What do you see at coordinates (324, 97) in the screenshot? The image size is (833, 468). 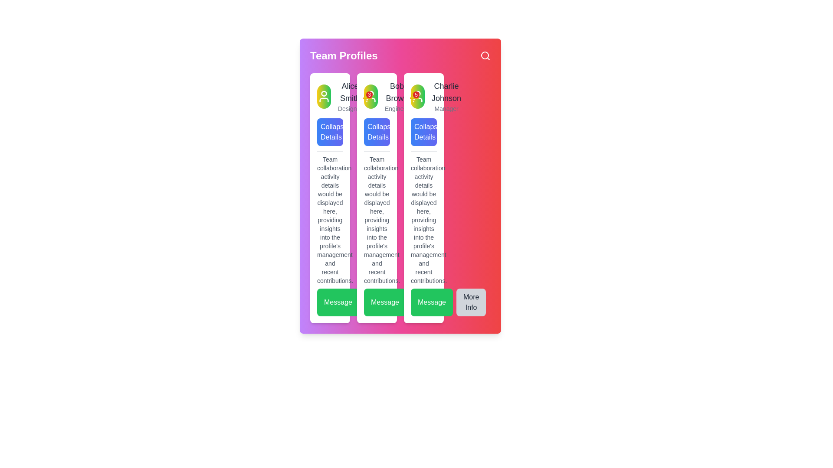 I see `the user profile icon located in the circular section of the first profile card titled 'Alice Smith - Designer'` at bounding box center [324, 97].